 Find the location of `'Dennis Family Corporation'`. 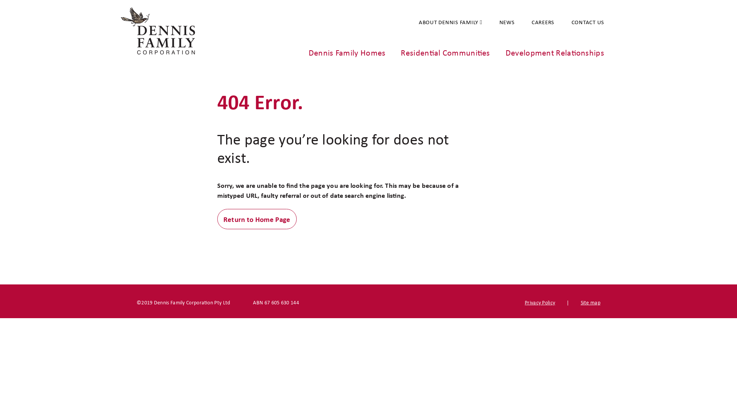

'Dennis Family Corporation' is located at coordinates (155, 30).